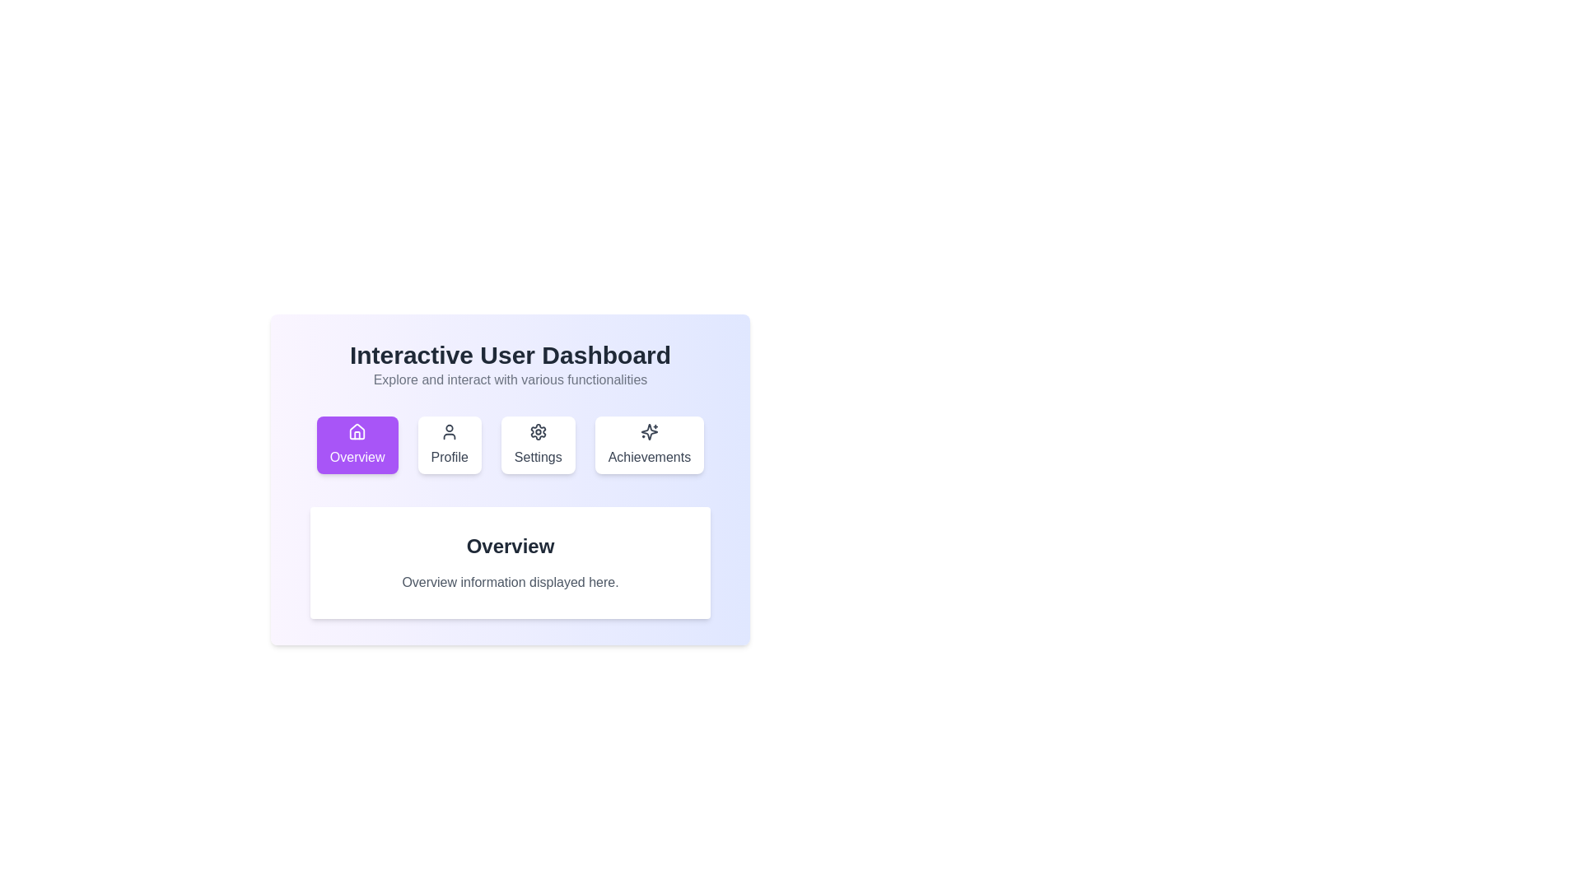 This screenshot has width=1581, height=889. I want to click on the 'Overview' header text, which is bold and dark gray, so click(509, 546).